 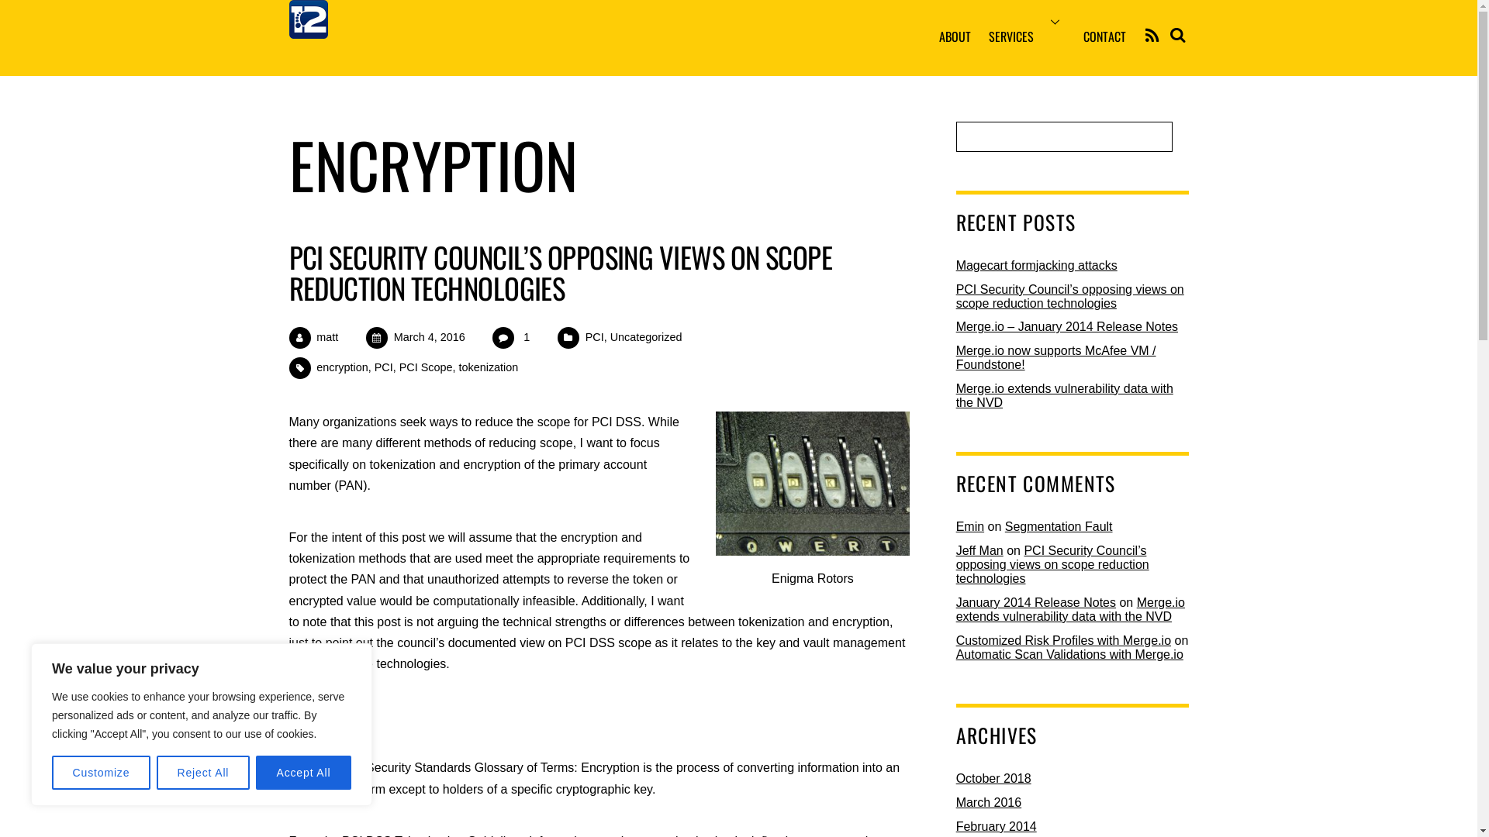 What do you see at coordinates (955, 525) in the screenshot?
I see `'Emin'` at bounding box center [955, 525].